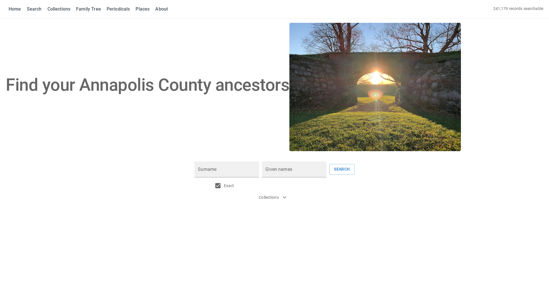 Image resolution: width=549 pixels, height=308 pixels. What do you see at coordinates (59, 9) in the screenshot?
I see `'Collections'` at bounding box center [59, 9].